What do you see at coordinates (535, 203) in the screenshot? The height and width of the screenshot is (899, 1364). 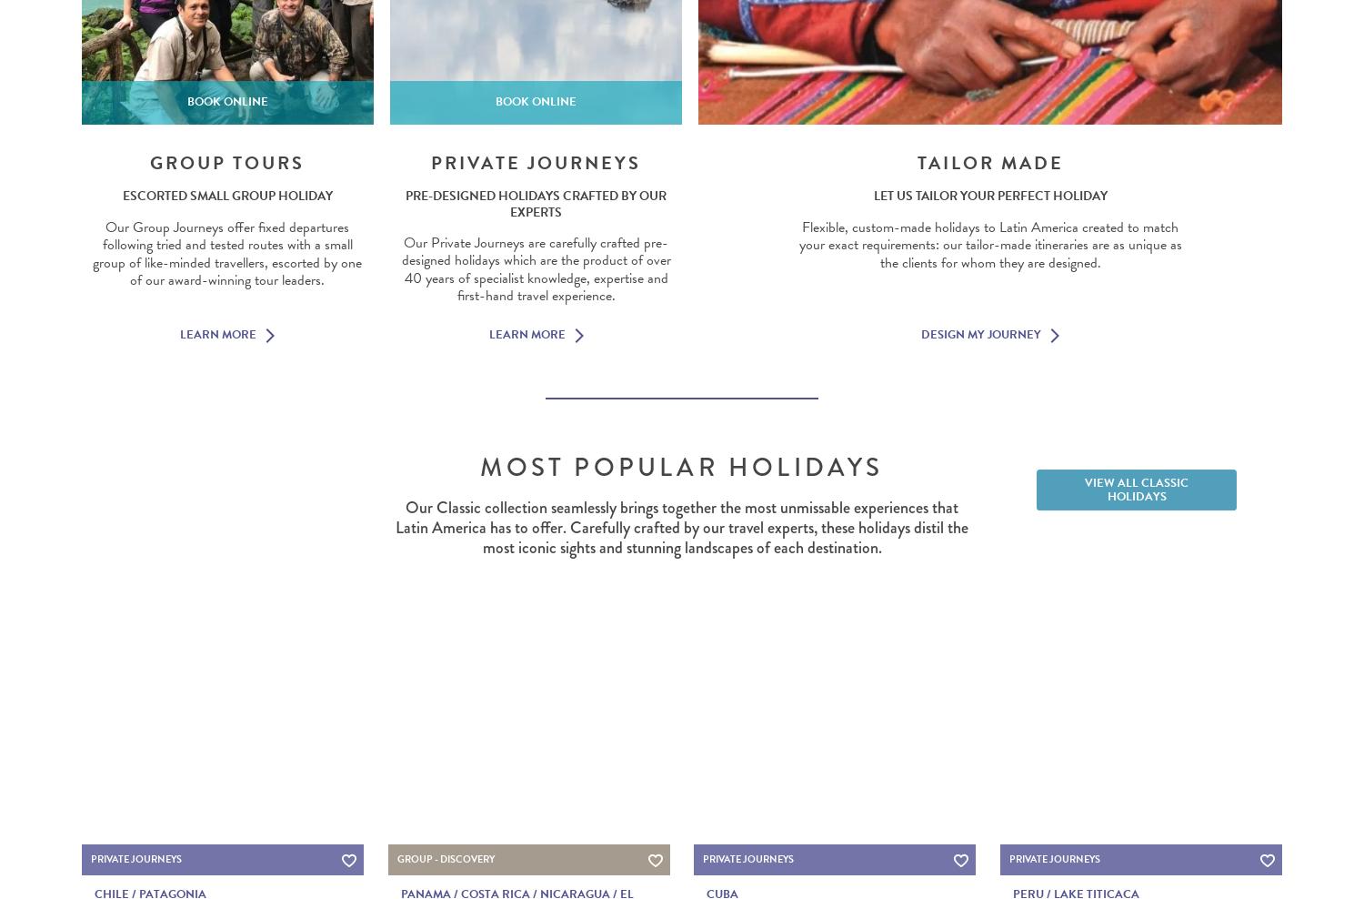 I see `'Pre-designed holidays crafted by our experts'` at bounding box center [535, 203].